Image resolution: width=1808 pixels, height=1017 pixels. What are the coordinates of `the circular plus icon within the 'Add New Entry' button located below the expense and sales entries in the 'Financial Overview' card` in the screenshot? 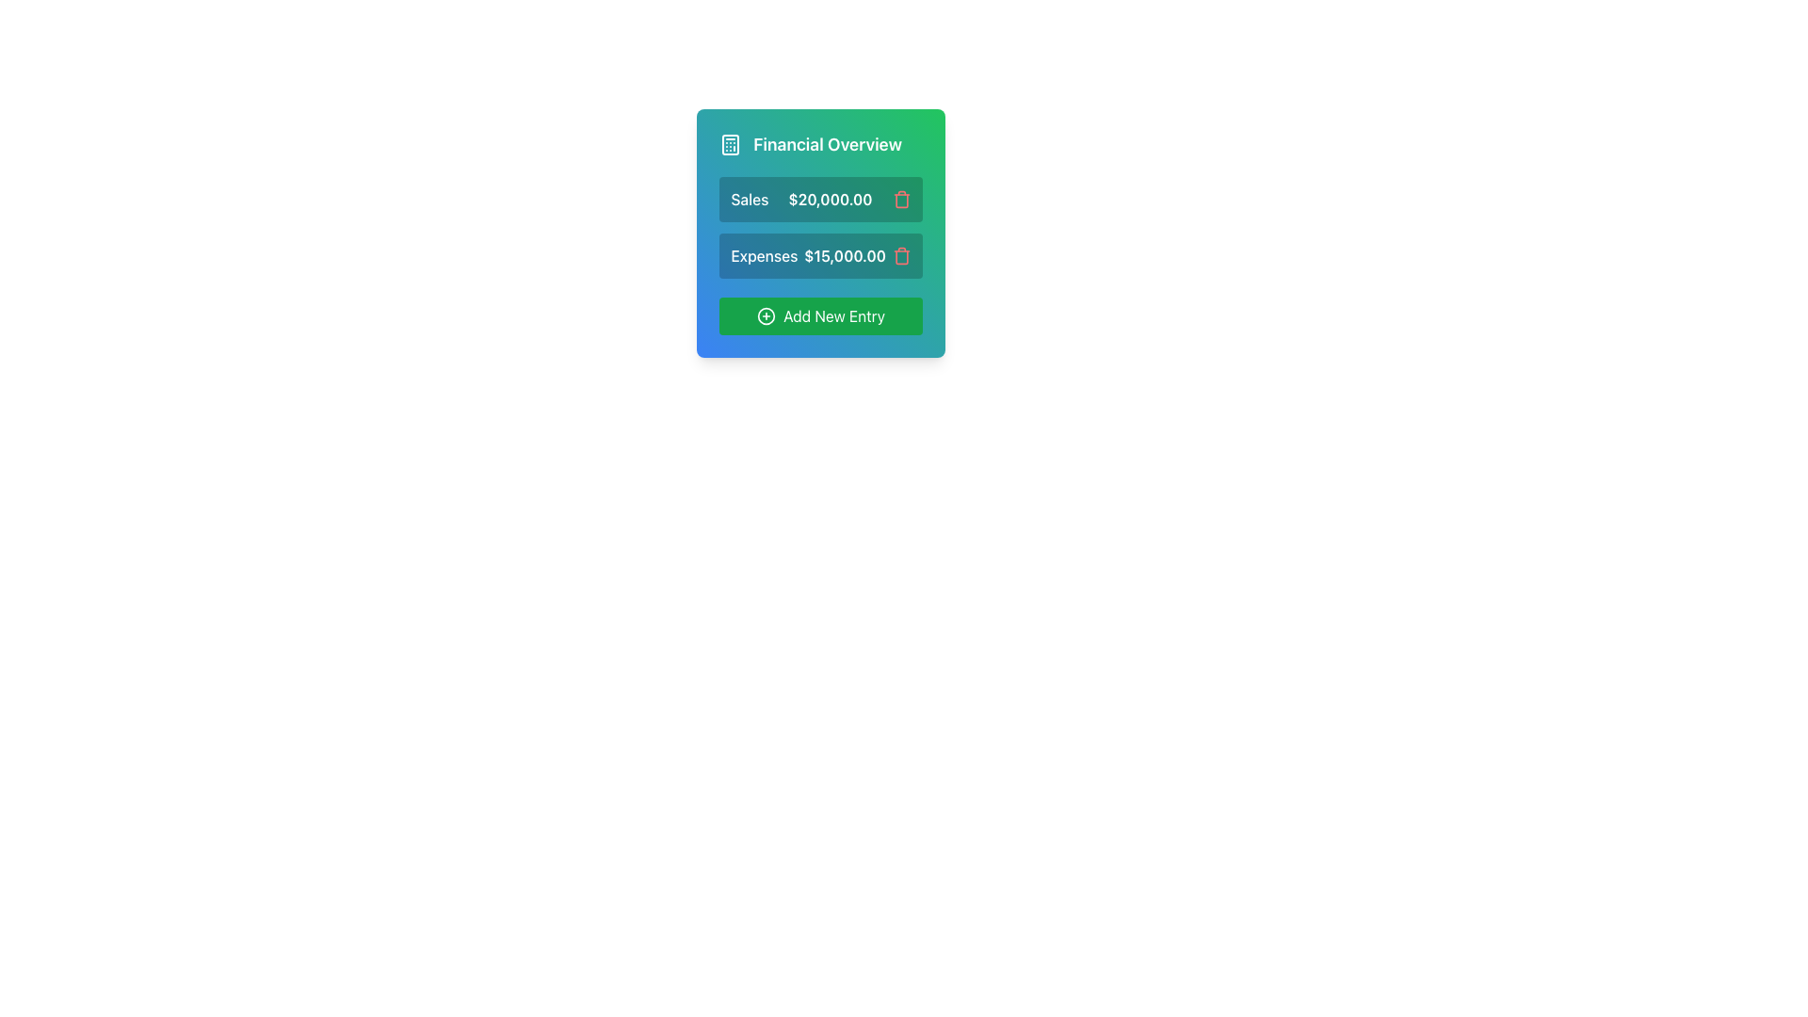 It's located at (767, 315).